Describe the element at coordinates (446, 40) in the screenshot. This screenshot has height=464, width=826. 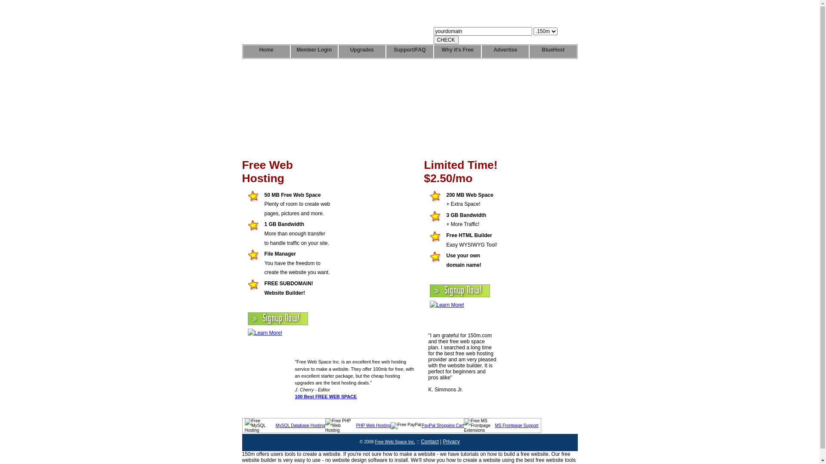
I see `'CHECK'` at that location.